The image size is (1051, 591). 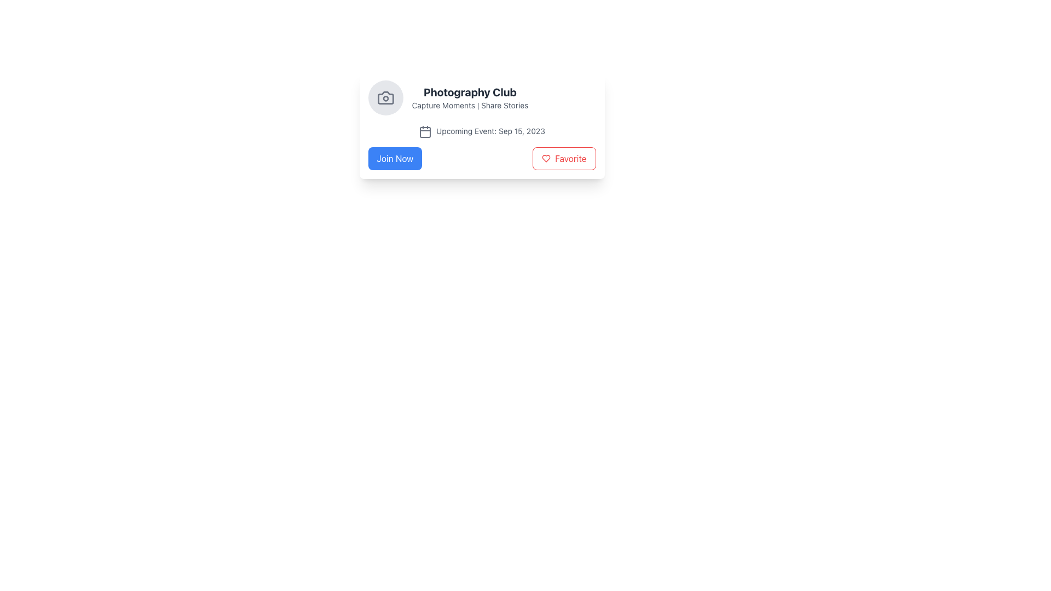 I want to click on the blue rectangular button with rounded corners labeled 'Join Now' to observe its hover effect changing to a darker blue shade, so click(x=394, y=158).